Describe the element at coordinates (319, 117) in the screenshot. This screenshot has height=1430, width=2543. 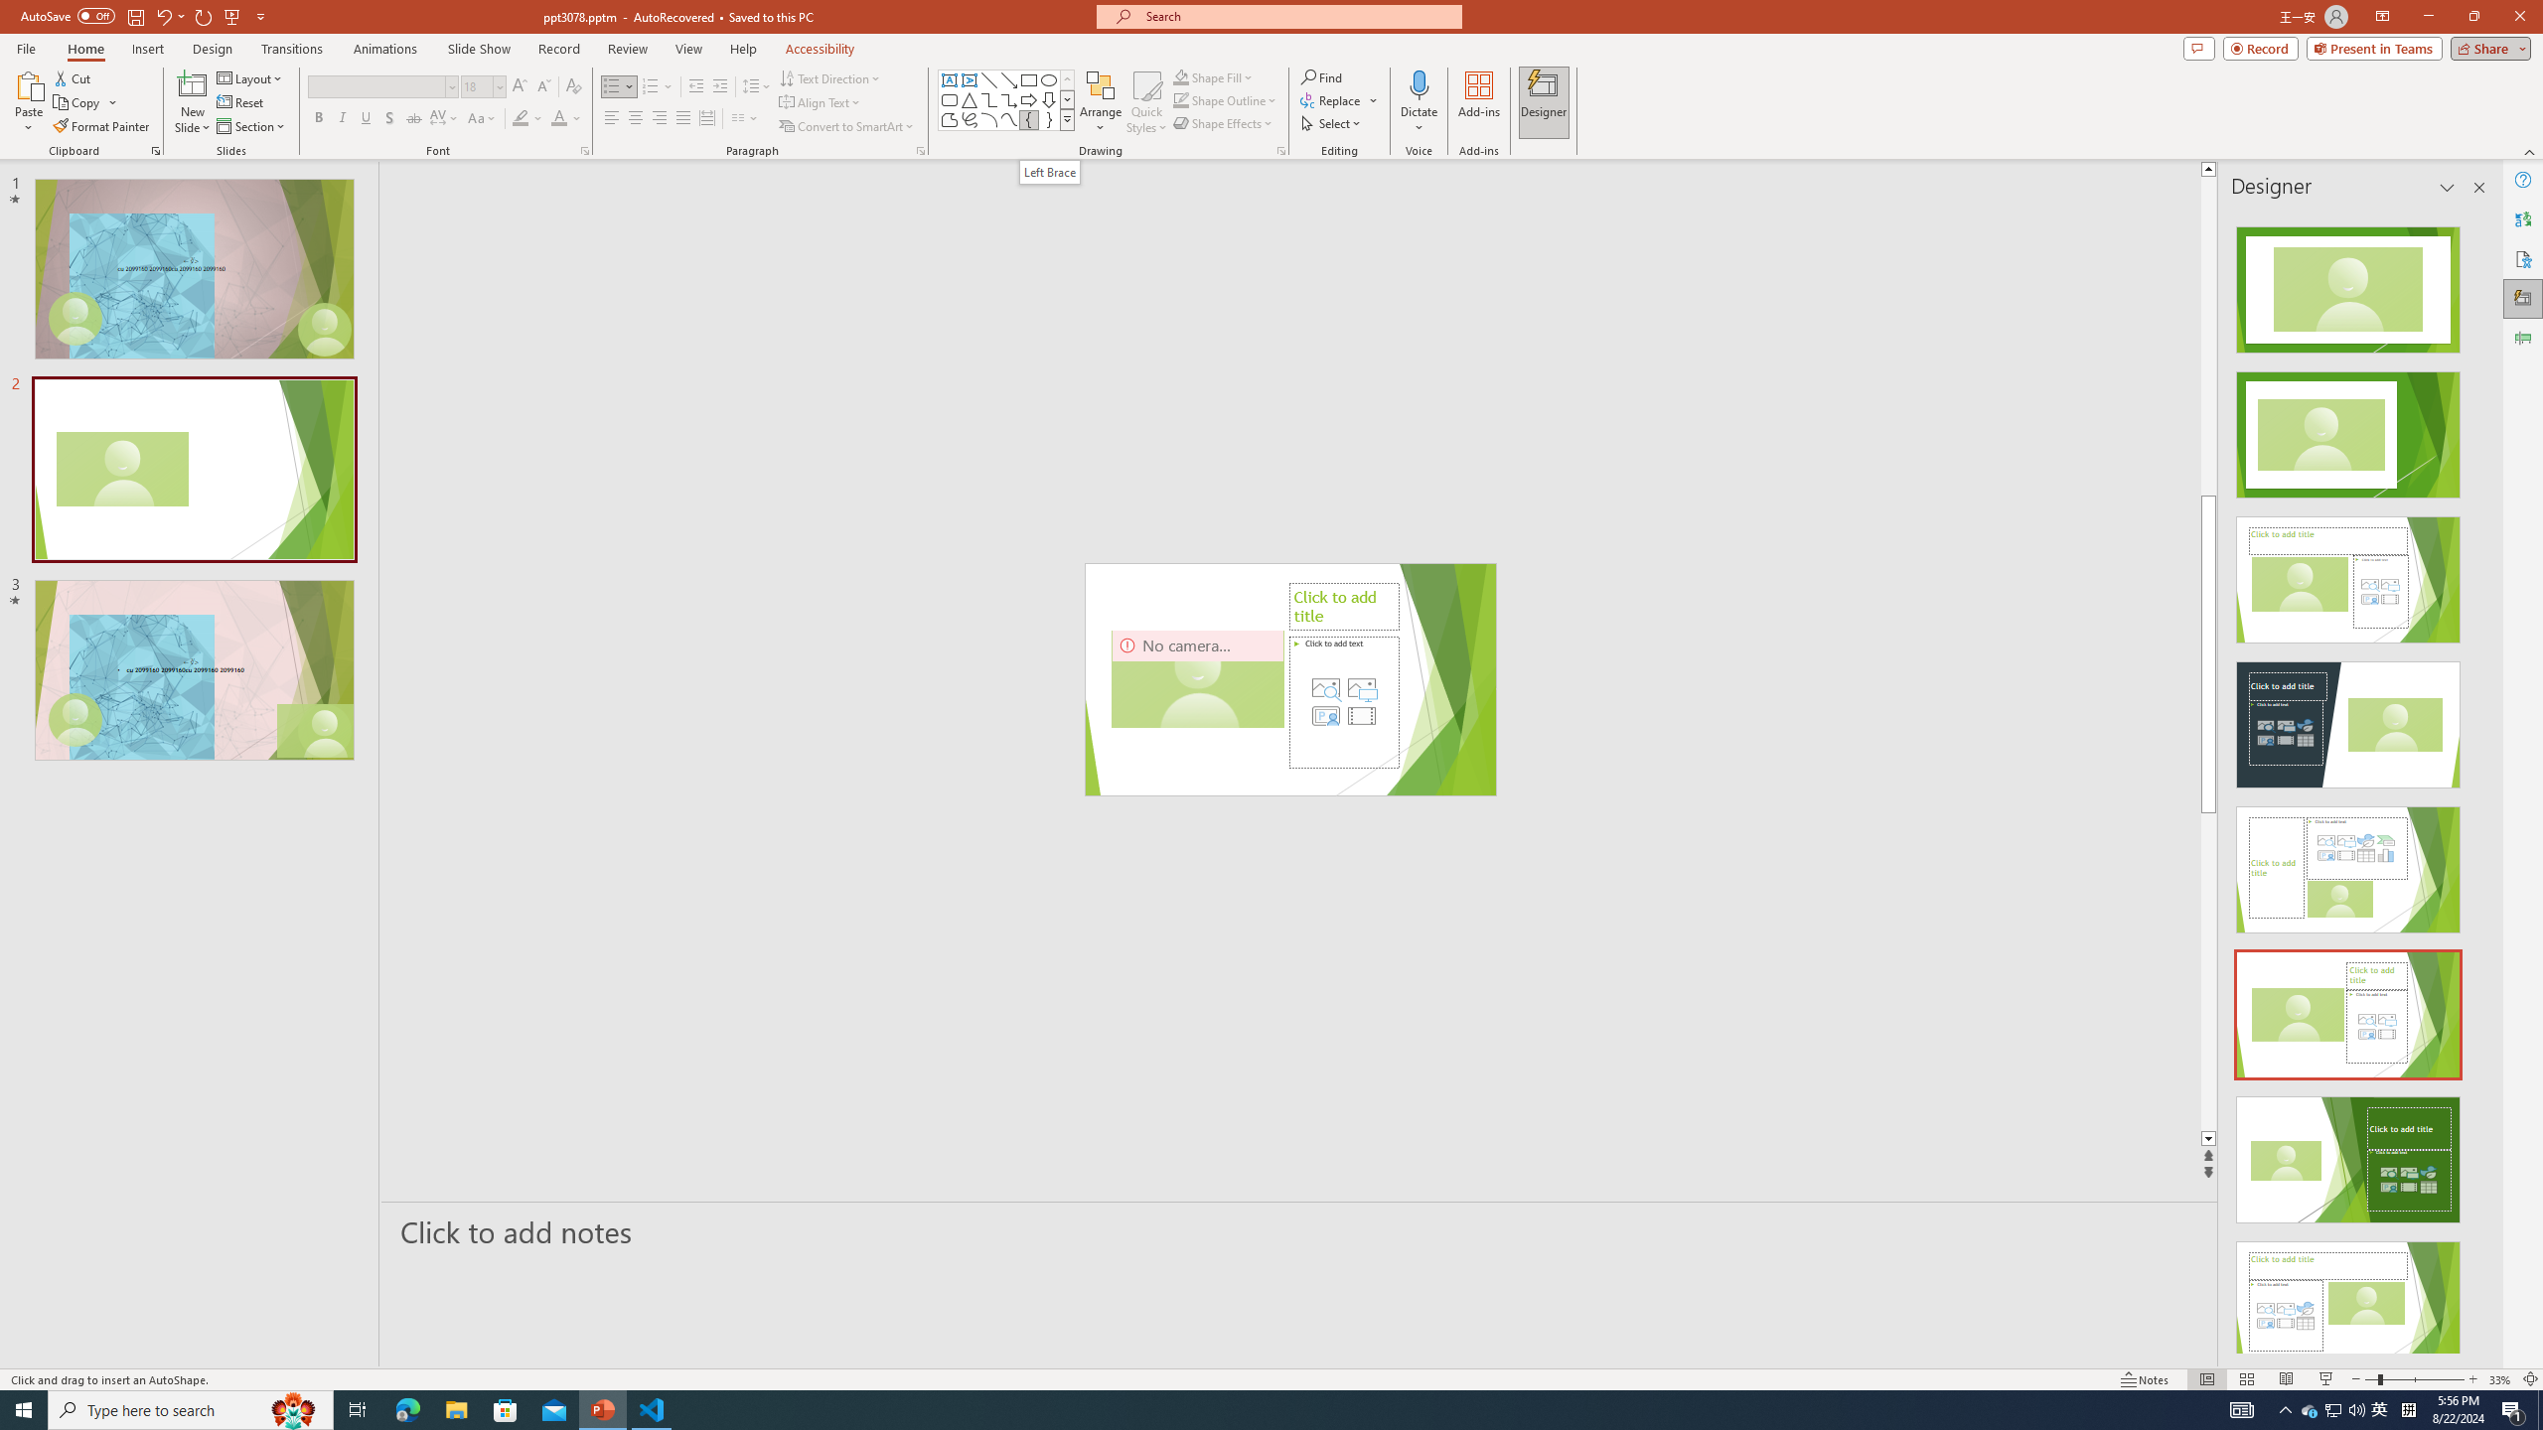
I see `'Bold'` at that location.